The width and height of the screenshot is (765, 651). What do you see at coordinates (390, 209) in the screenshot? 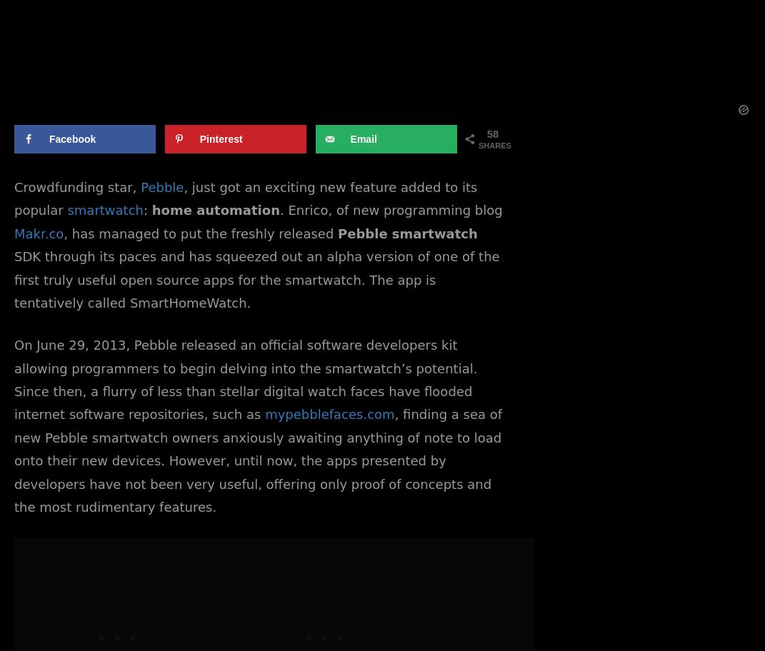
I see `'. Enrico, of new programming blog'` at bounding box center [390, 209].